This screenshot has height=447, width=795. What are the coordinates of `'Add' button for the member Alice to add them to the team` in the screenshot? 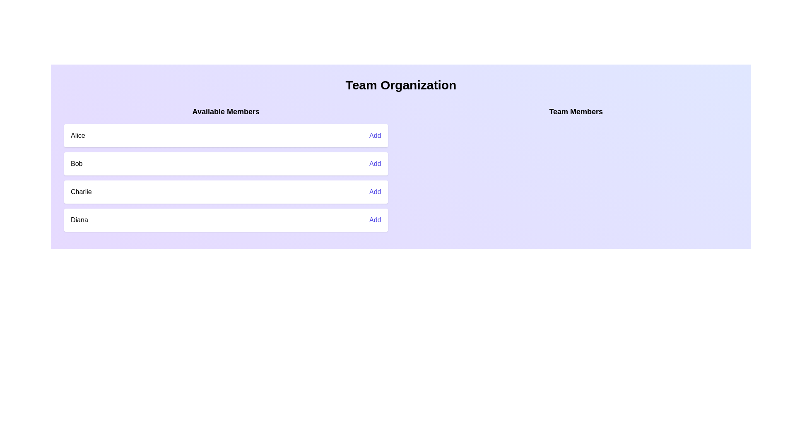 It's located at (375, 135).